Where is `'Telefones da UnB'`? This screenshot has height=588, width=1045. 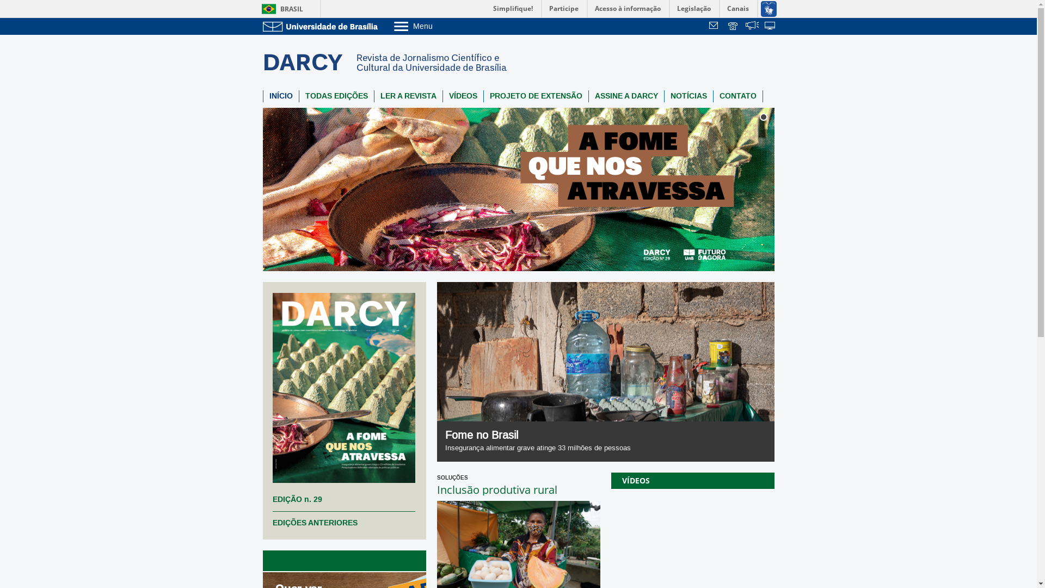 'Telefones da UnB' is located at coordinates (727, 26).